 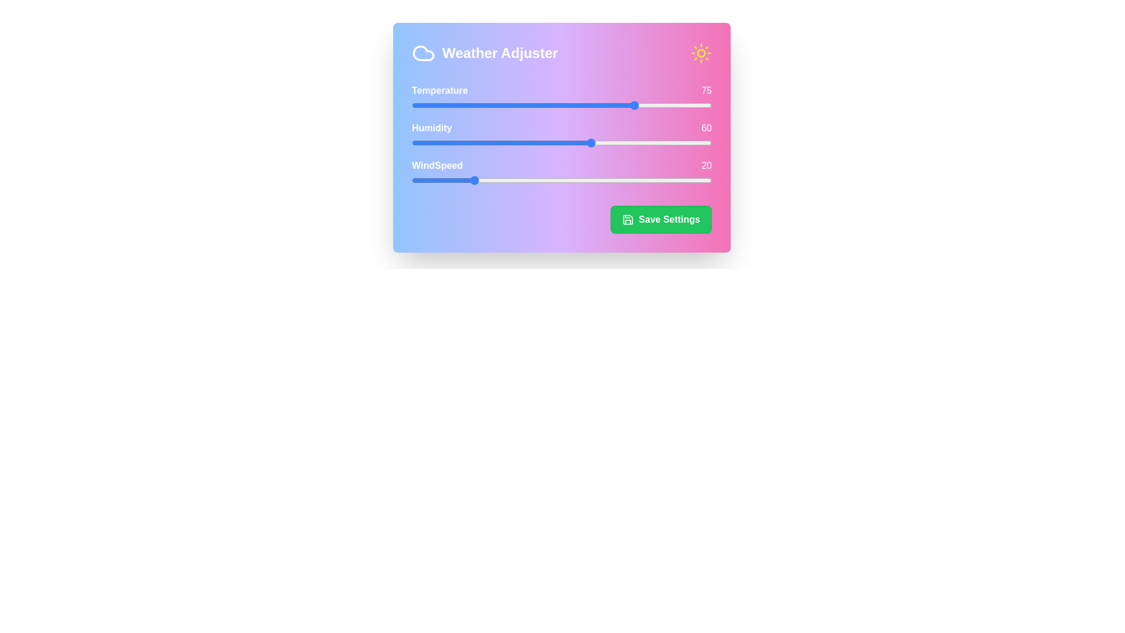 I want to click on the wind speed, so click(x=411, y=181).